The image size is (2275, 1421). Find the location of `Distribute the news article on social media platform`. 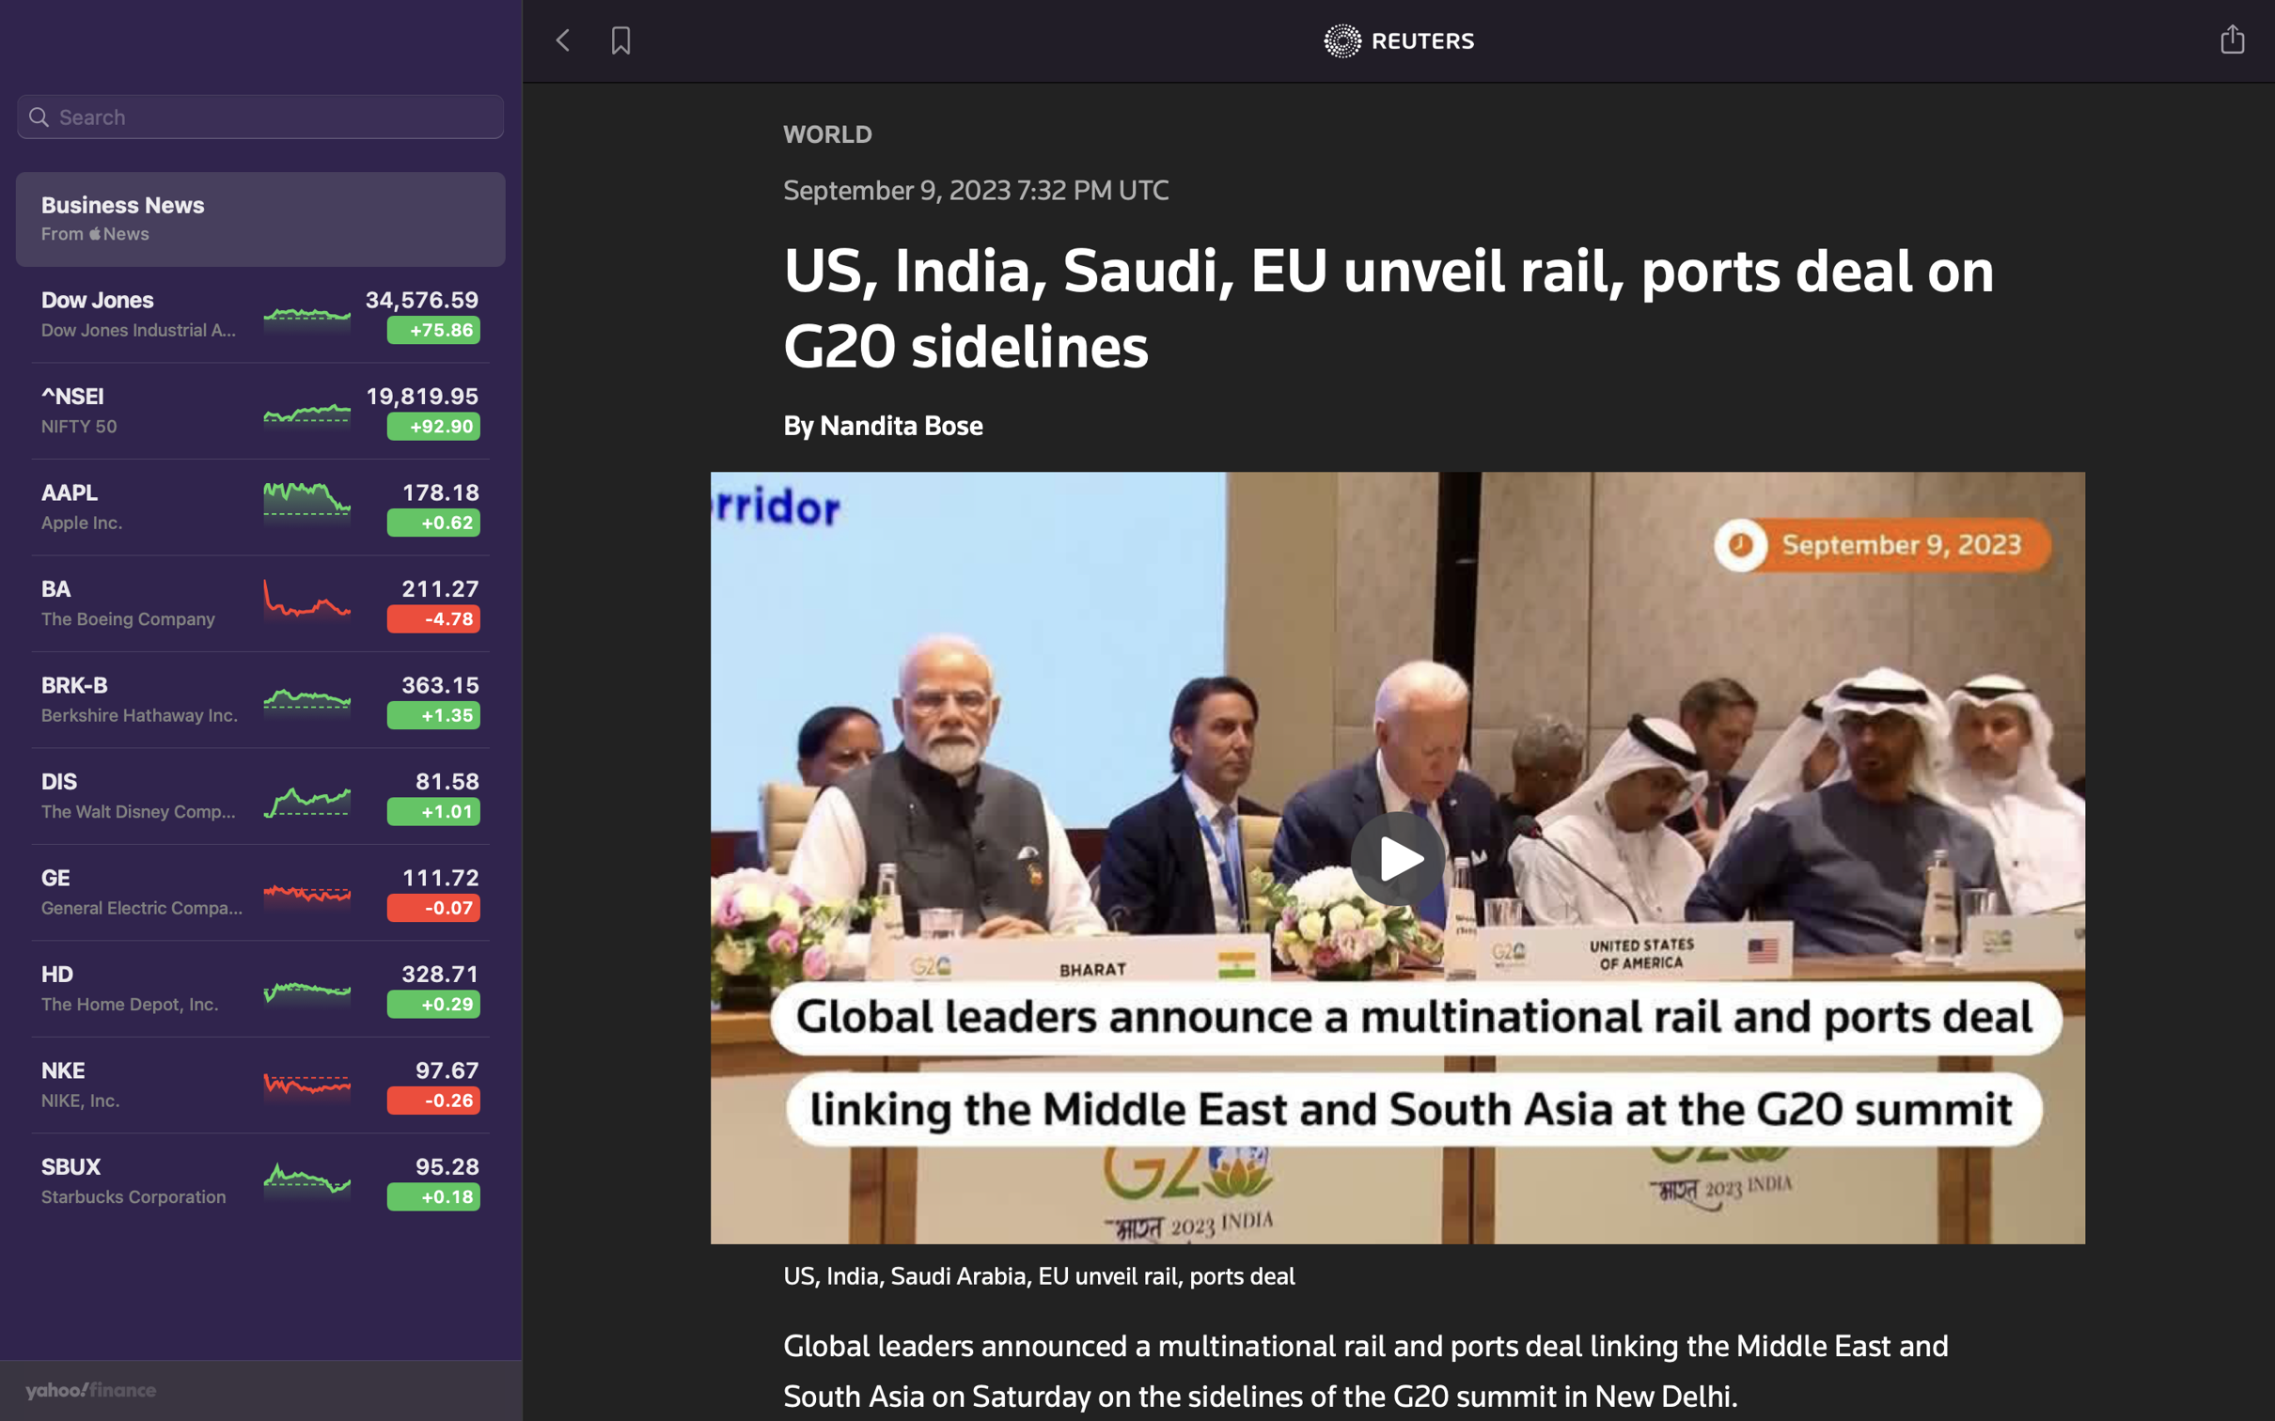

Distribute the news article on social media platform is located at coordinates (2234, 37).